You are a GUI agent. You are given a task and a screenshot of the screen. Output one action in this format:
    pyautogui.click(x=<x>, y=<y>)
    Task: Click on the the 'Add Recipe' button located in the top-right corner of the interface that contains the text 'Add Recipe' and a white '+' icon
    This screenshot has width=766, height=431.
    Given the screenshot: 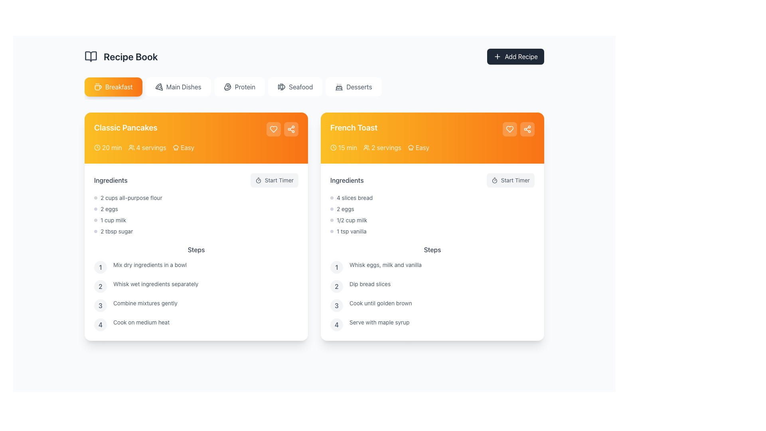 What is the action you would take?
    pyautogui.click(x=521, y=56)
    